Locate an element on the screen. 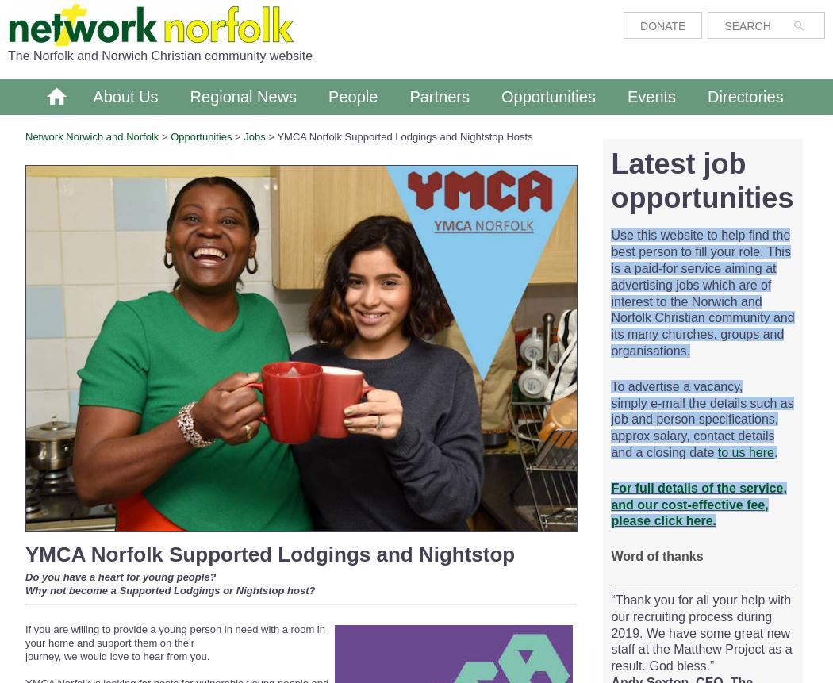 The image size is (833, 683). 'To advertise a vacancy, simply e-mail the details such as job and person specifications, approx salary, contact details and a closing date' is located at coordinates (701, 418).